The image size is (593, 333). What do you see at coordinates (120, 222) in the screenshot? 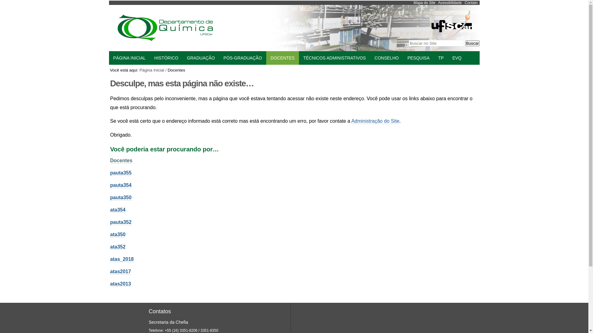
I see `'pauta352'` at bounding box center [120, 222].